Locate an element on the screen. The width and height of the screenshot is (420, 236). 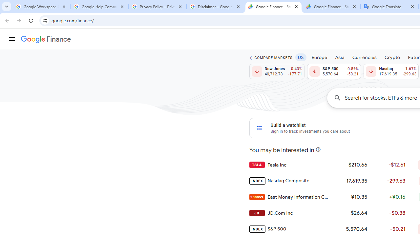
'Main menu' is located at coordinates (11, 39).